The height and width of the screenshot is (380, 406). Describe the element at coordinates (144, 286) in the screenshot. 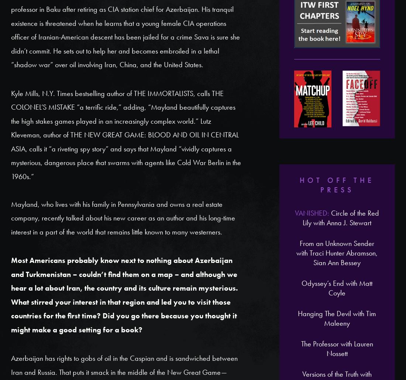

I see `'Sandra Parshall is the author of the Rachel Goddard mystery/suspense series. Her latest title is POISONED GROUND. Visit her website at'` at that location.